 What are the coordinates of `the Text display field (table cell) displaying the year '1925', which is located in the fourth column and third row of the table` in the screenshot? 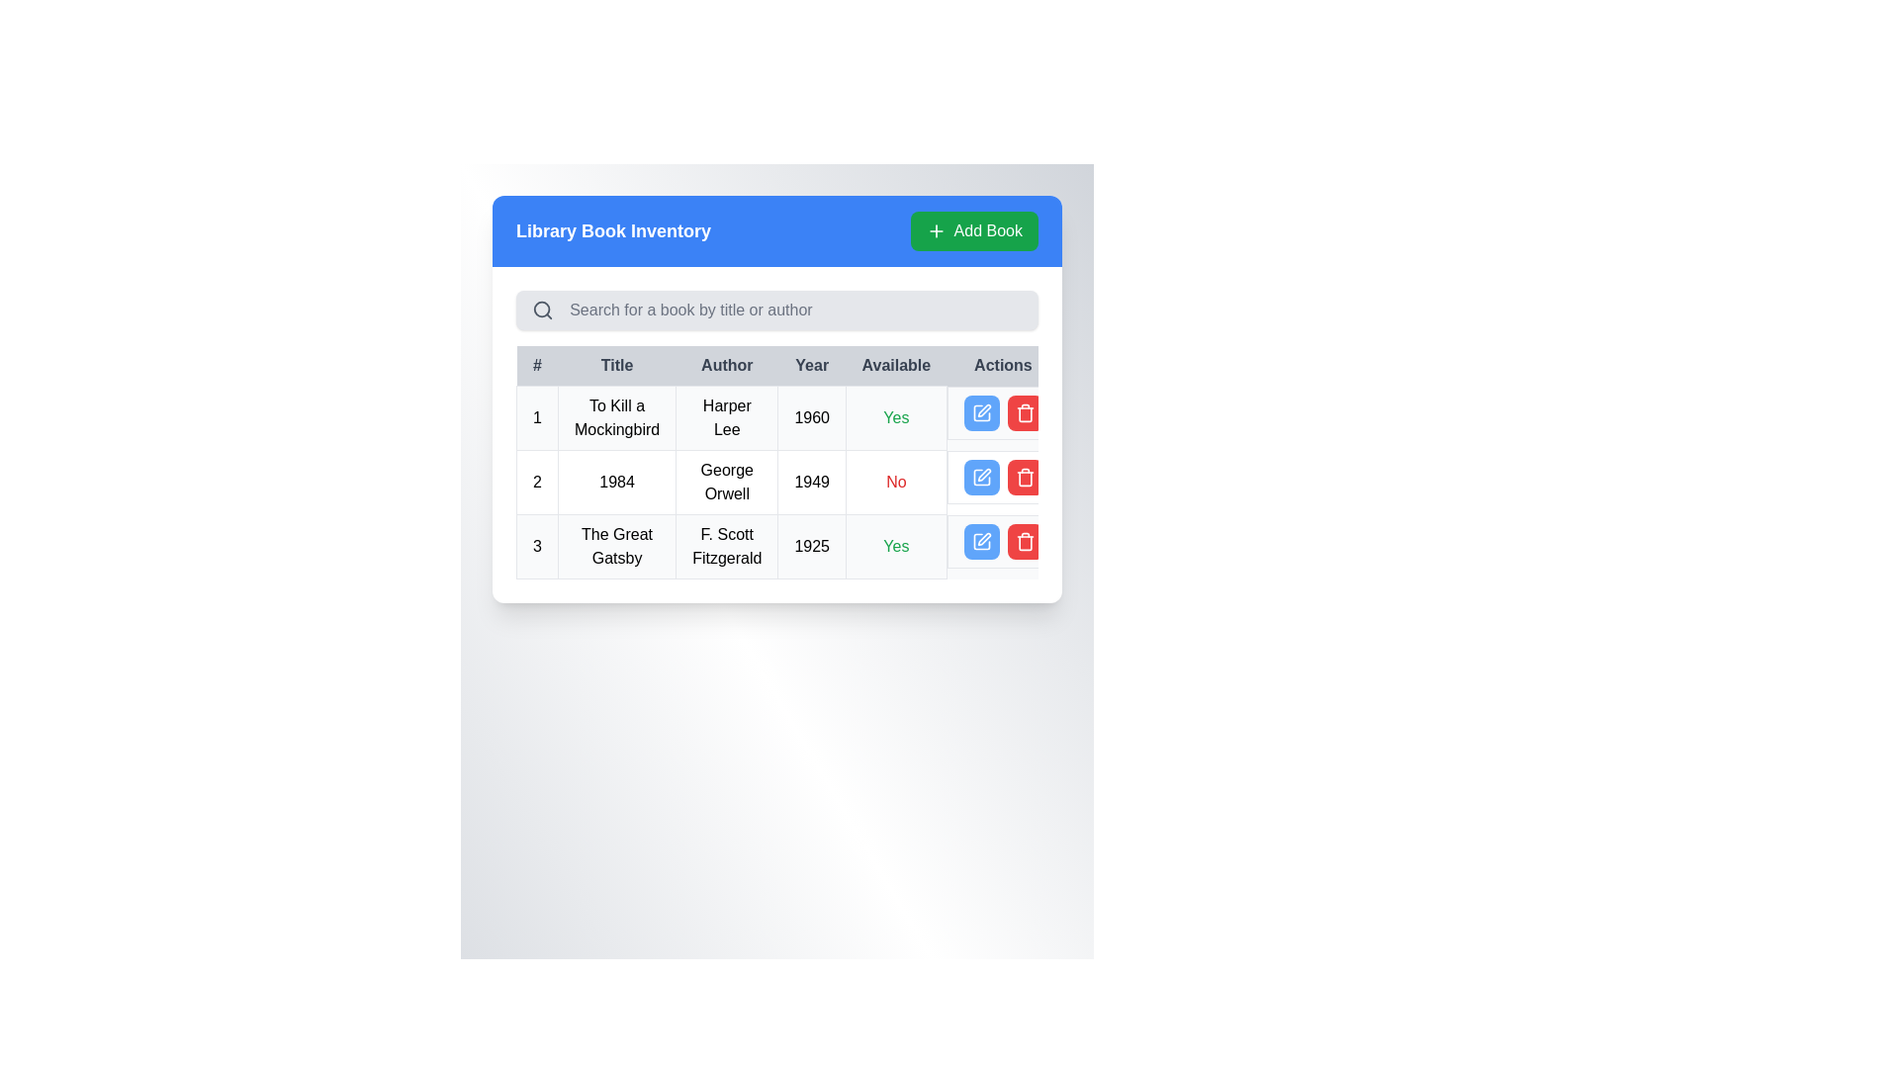 It's located at (812, 546).